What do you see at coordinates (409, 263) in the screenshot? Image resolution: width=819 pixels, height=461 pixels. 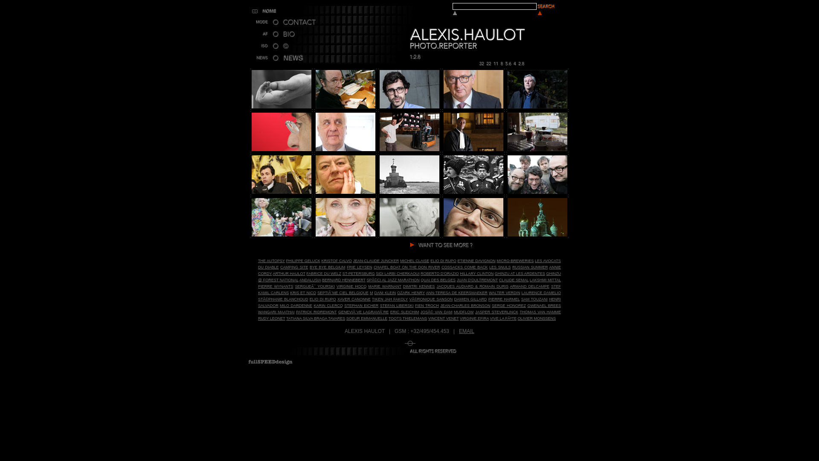 I see `'LES AVOCATS DU DIABLE'` at bounding box center [409, 263].